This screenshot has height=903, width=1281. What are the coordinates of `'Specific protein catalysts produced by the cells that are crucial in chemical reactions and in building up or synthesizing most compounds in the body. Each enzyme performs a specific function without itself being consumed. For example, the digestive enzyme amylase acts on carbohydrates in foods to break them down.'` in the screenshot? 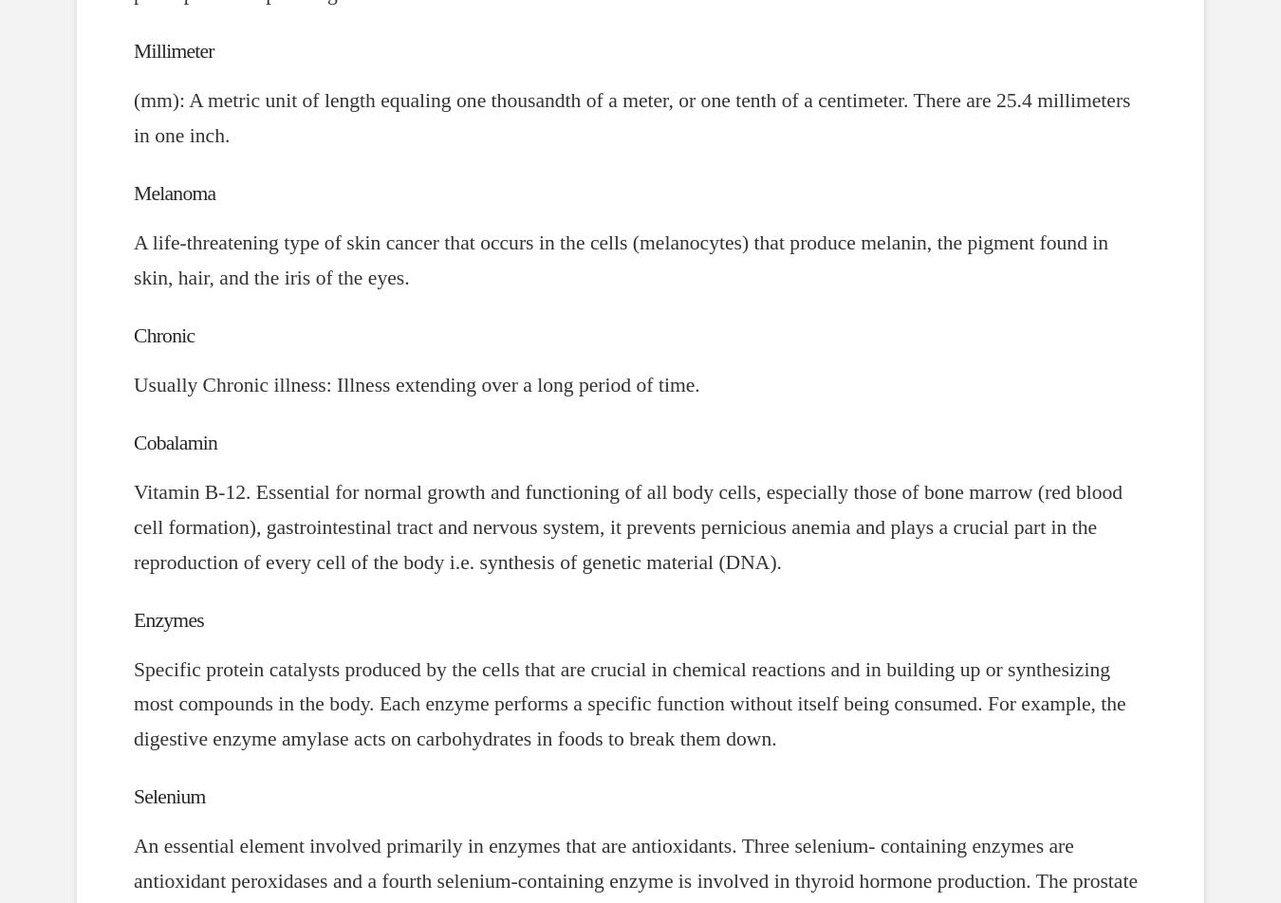 It's located at (629, 703).